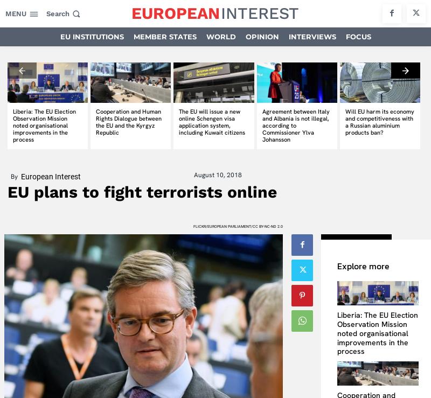 This screenshot has height=398, width=431. I want to click on 'European Interest', so click(51, 176).